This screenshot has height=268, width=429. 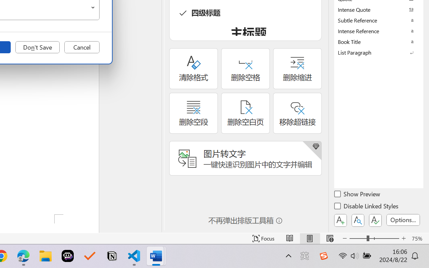 What do you see at coordinates (379, 31) in the screenshot?
I see `'Intense Reference'` at bounding box center [379, 31].